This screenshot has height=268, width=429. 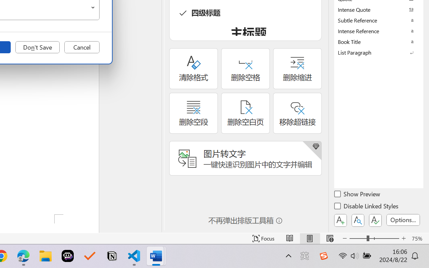 What do you see at coordinates (379, 31) in the screenshot?
I see `'Intense Reference'` at bounding box center [379, 31].